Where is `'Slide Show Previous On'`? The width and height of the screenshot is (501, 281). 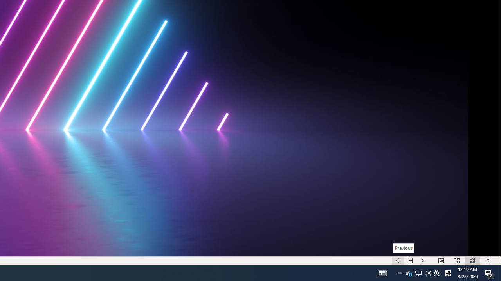
'Slide Show Previous On' is located at coordinates (398, 261).